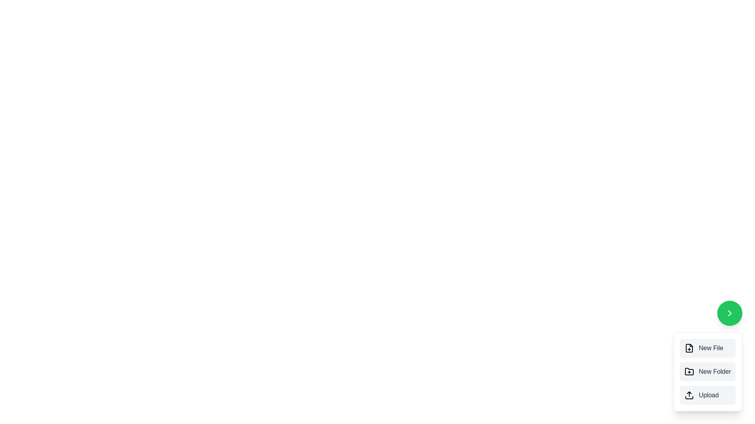  I want to click on the 'New Folder' button, so click(708, 371).